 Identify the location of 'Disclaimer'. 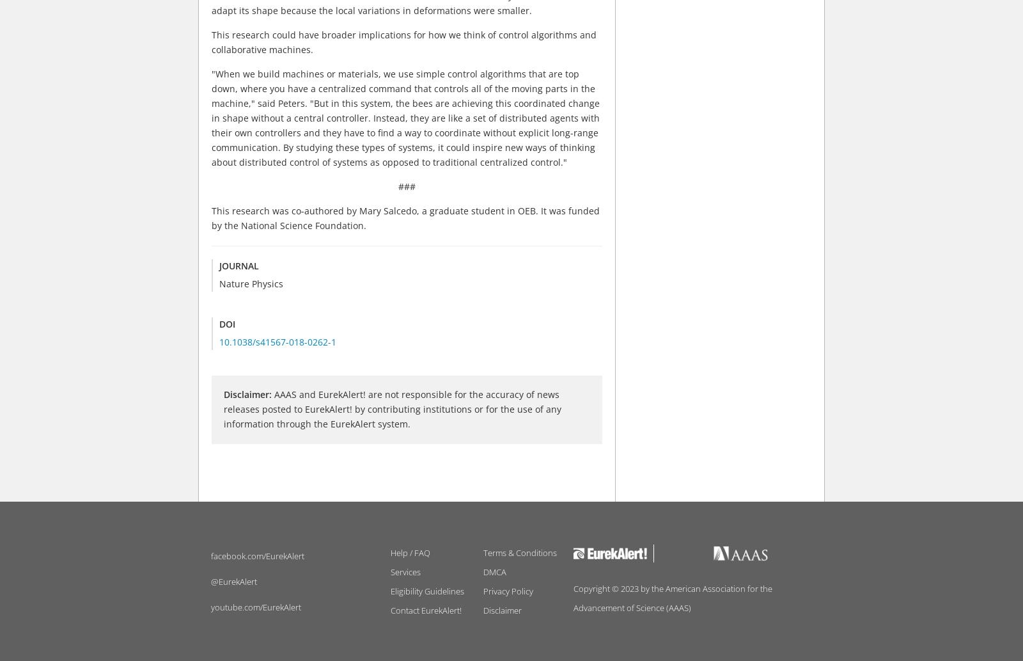
(502, 609).